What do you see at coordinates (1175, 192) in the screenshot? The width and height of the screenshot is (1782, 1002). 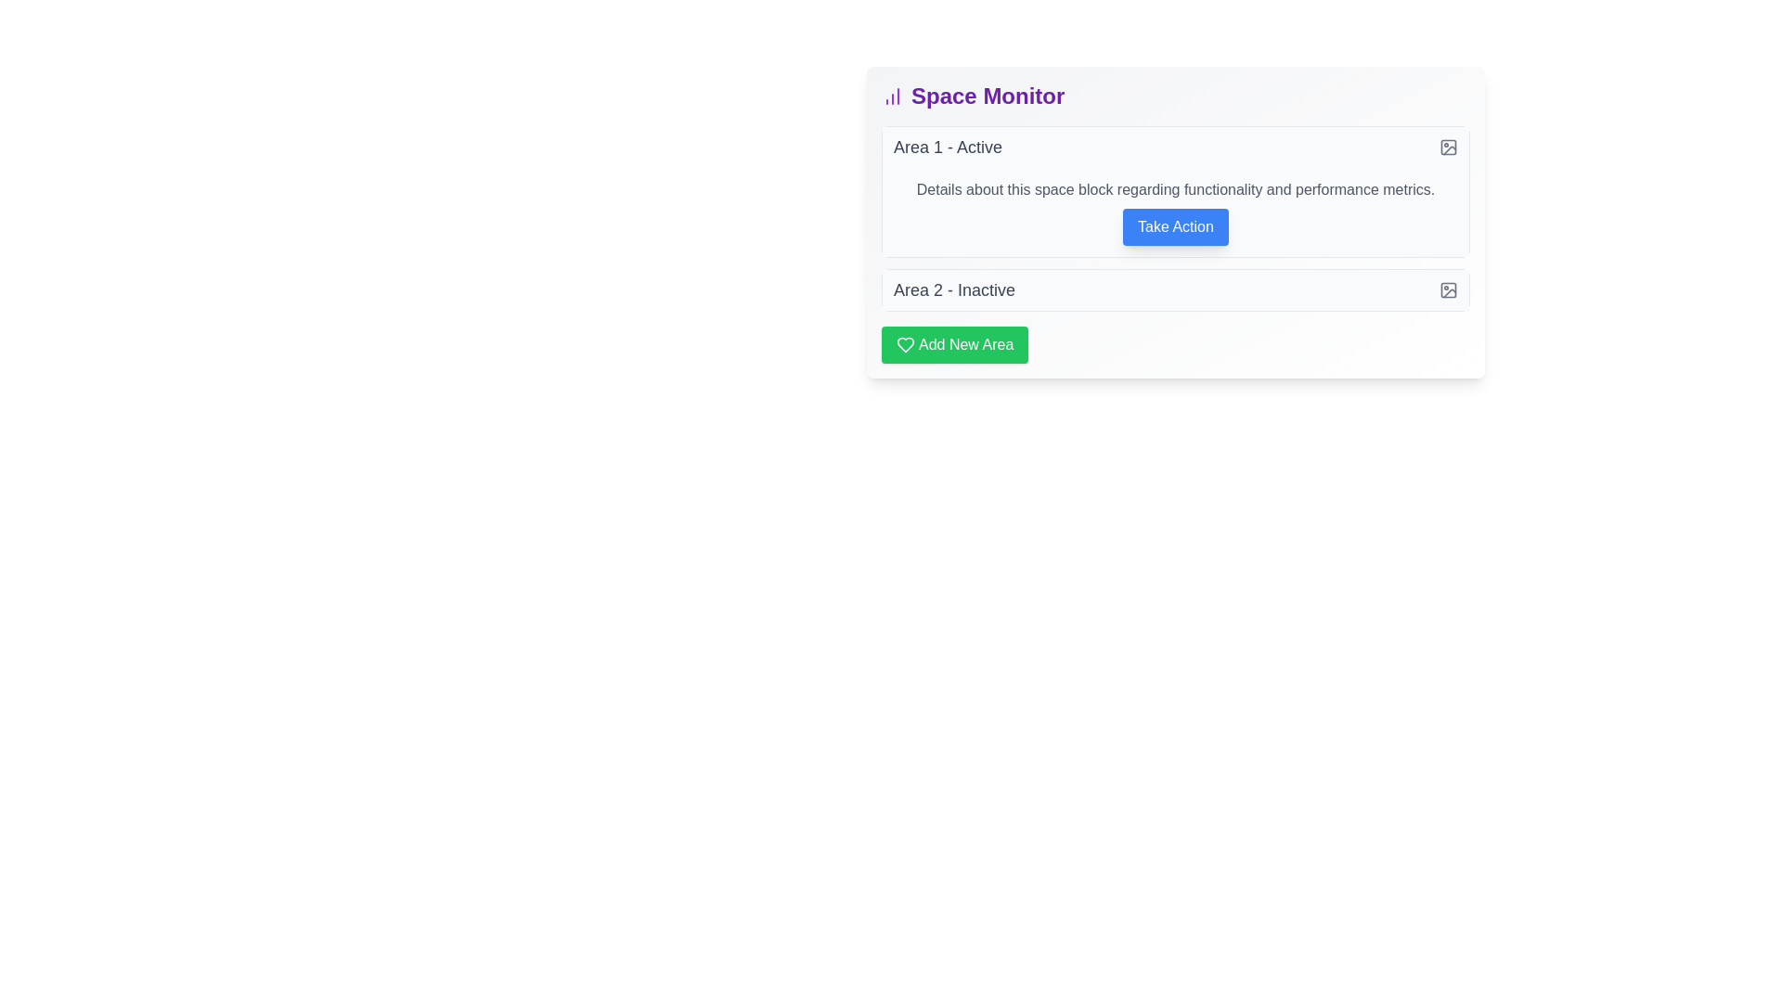 I see `the active panel that is the first panel in the list, located at the top and contains a button and icon` at bounding box center [1175, 192].